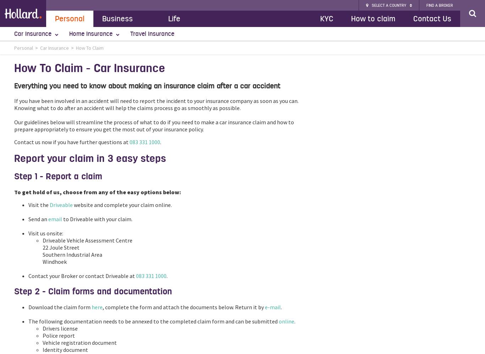 The image size is (485, 354). I want to click on 'Step 2 - Claim forms and documentation', so click(14, 292).